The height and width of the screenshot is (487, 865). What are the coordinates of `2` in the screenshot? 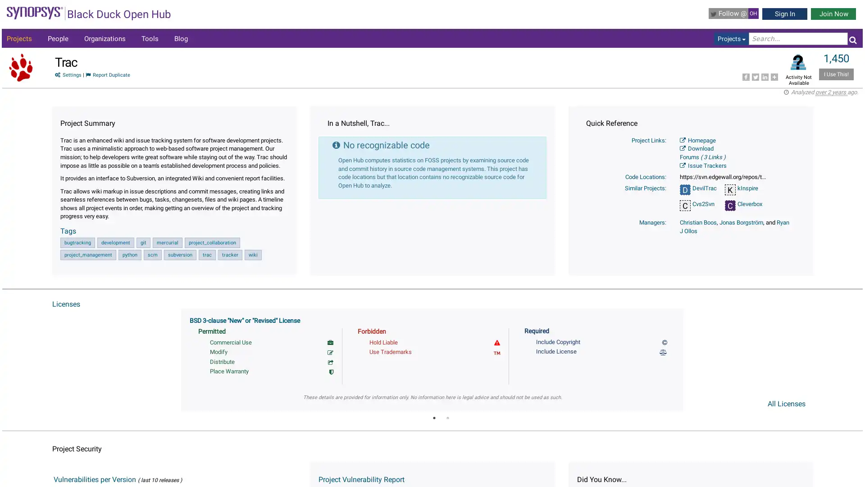 It's located at (447, 417).